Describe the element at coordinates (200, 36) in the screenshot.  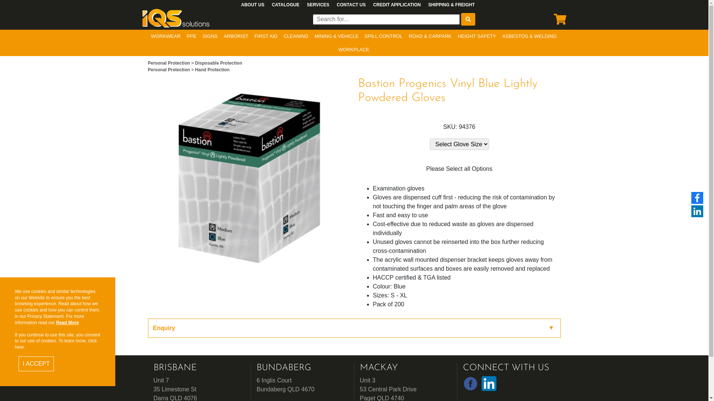
I see `'SIGNS'` at that location.